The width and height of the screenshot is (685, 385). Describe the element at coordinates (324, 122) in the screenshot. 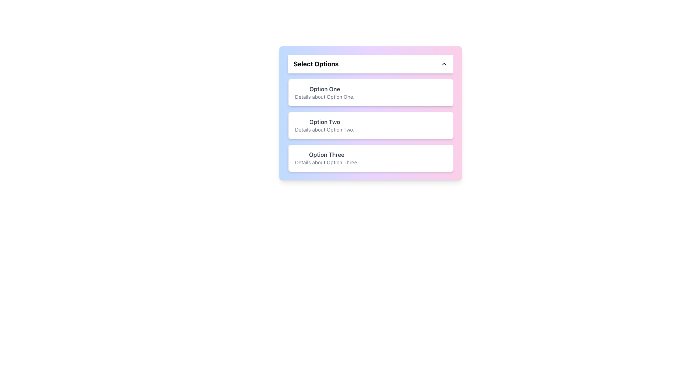

I see `the bold text label 'Option Two' which is part of a card-like section with a white background and subtle shadowing, centrally positioned in the layout` at that location.